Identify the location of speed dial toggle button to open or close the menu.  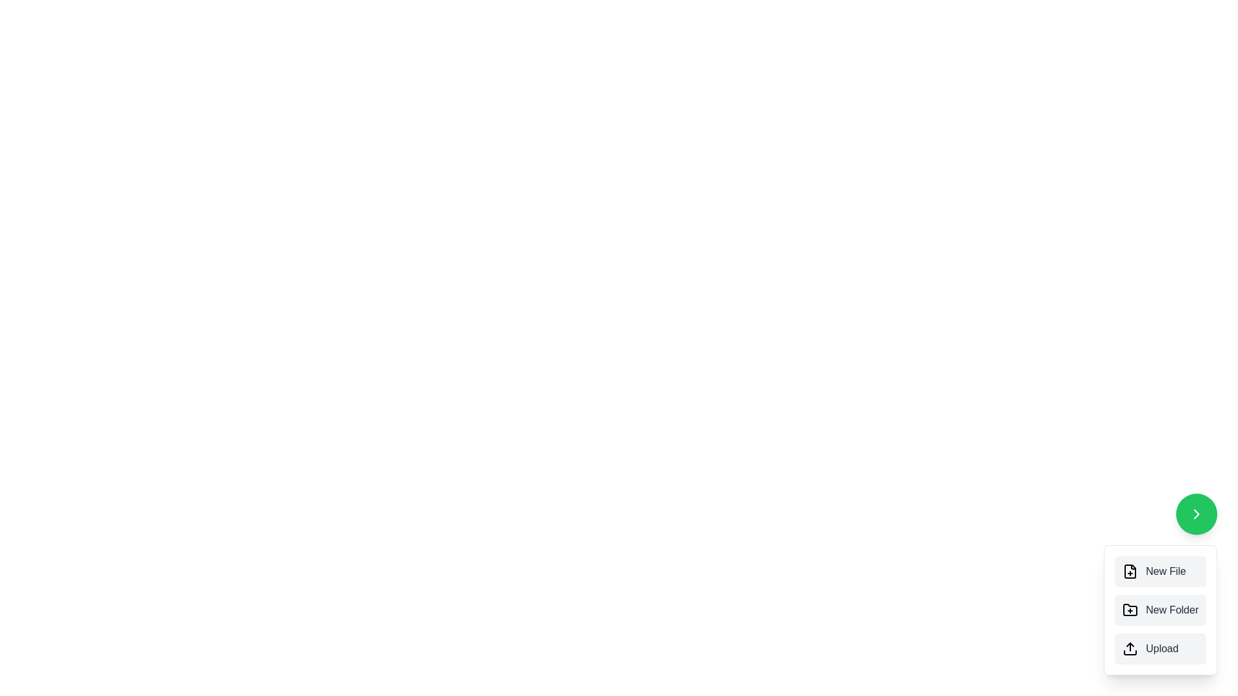
(1196, 514).